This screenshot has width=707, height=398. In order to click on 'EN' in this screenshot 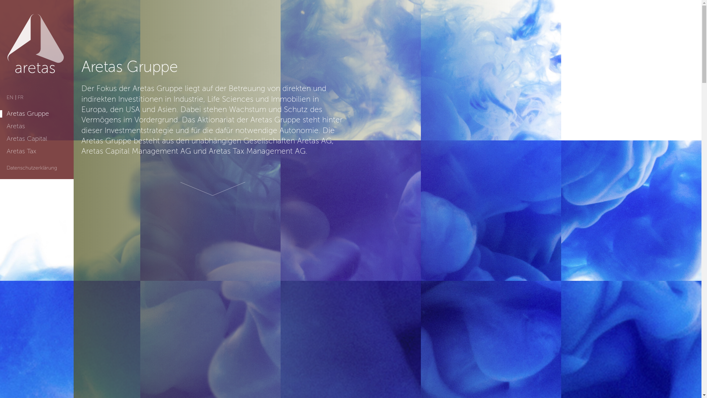, I will do `click(10, 97)`.